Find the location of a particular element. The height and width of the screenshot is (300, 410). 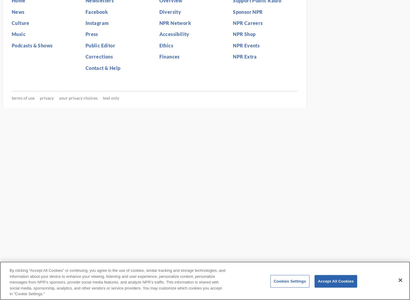

'Terms of Use' is located at coordinates (23, 97).